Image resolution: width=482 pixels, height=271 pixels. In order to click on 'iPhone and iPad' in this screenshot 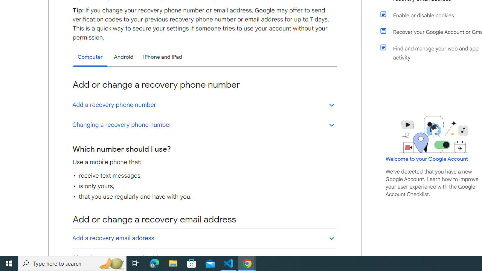, I will do `click(162, 56)`.